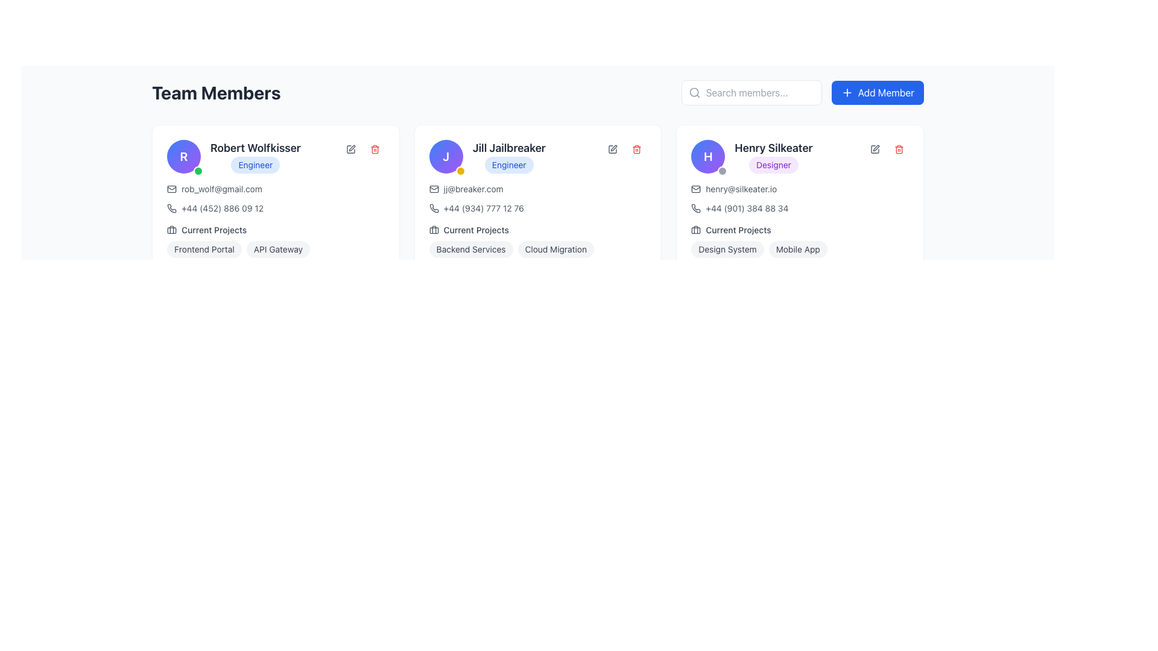 The image size is (1158, 651). What do you see at coordinates (233, 156) in the screenshot?
I see `the small blue badge labeled 'Engineer' located below the name 'Robert Wolfkisser' in the leftmost profile card of the 'Team Members' section` at bounding box center [233, 156].